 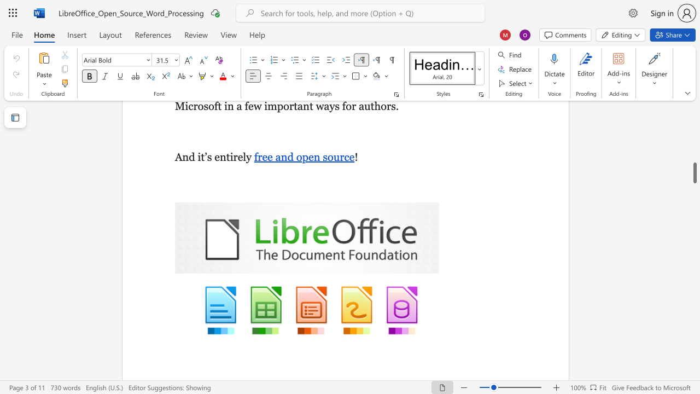 I want to click on the scrollbar, so click(x=694, y=170).